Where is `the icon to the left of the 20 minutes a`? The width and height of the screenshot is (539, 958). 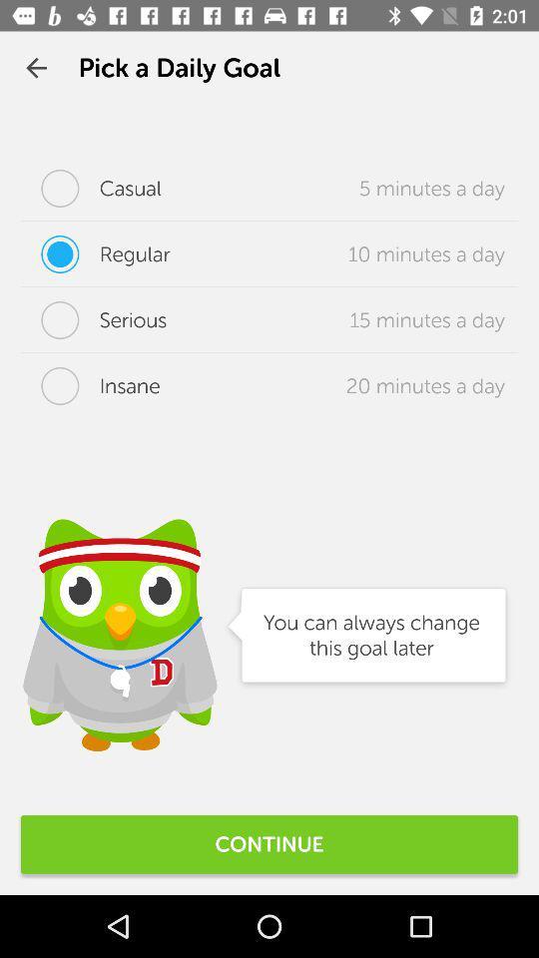
the icon to the left of the 20 minutes a is located at coordinates (89, 384).